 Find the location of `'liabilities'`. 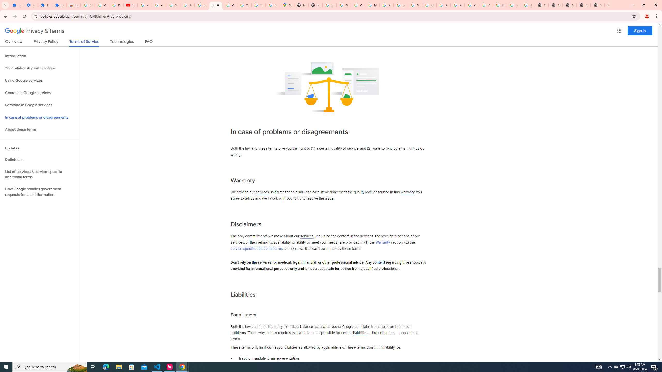

'liabilities' is located at coordinates (360, 332).